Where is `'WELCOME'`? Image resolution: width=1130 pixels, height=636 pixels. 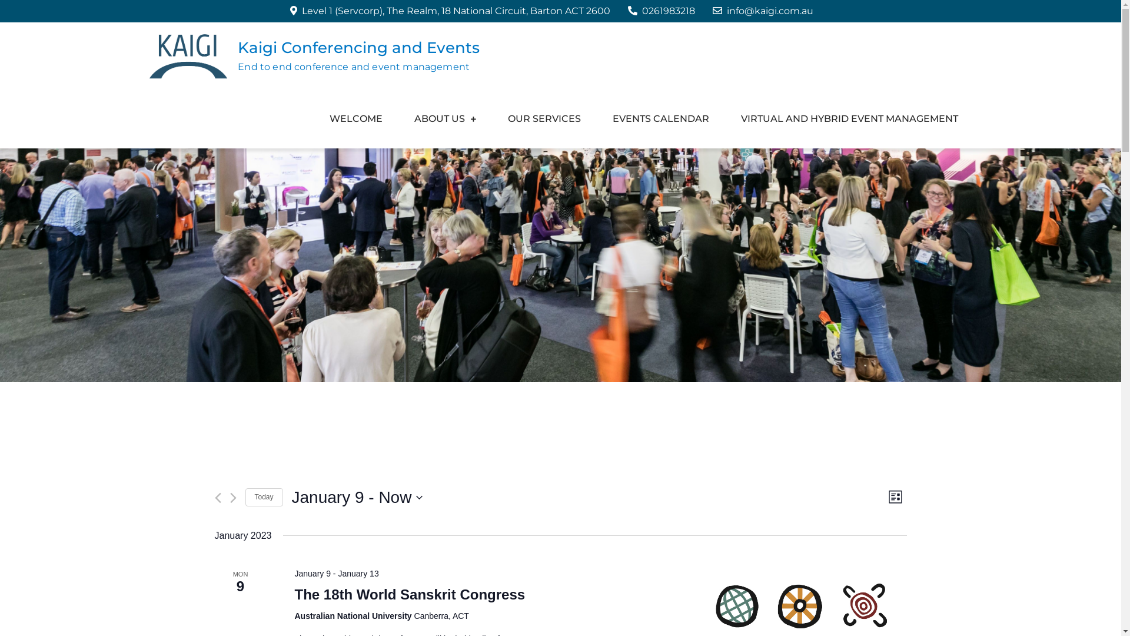
'WELCOME' is located at coordinates (355, 118).